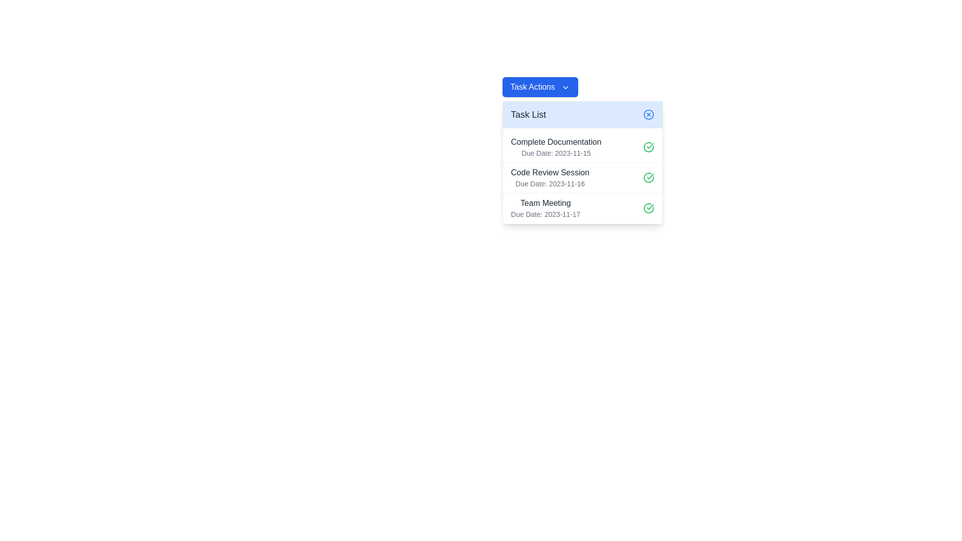 This screenshot has height=541, width=962. I want to click on the green checkmark icon that indicates a completed state, located in the second row of the task list adjacent to the text 'Code Review Session' and 'Due Date: 2023-11-16', so click(648, 177).